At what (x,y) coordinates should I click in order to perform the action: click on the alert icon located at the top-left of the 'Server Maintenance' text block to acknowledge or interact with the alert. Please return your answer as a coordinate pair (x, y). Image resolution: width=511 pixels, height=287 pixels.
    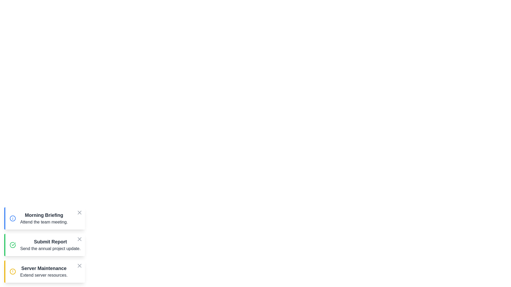
    Looking at the image, I should click on (13, 272).